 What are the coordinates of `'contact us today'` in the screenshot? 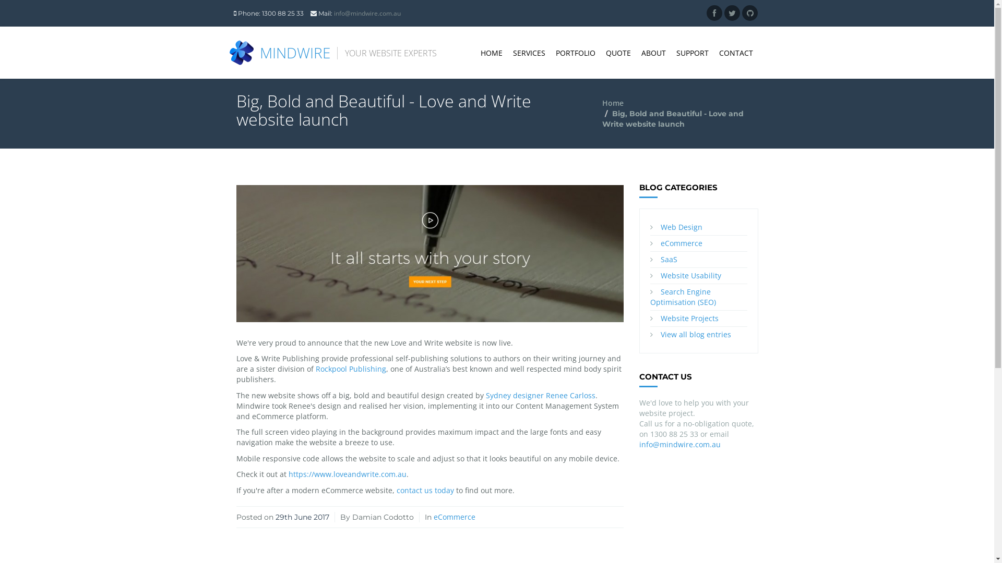 It's located at (425, 490).